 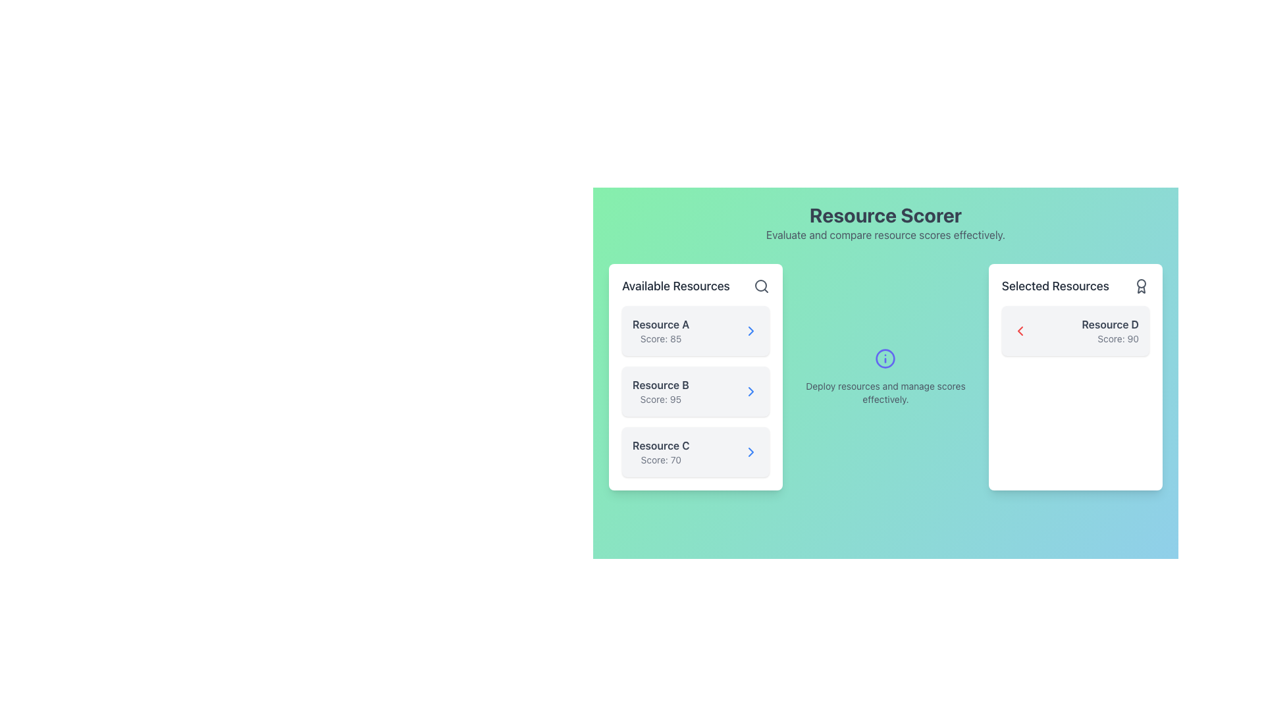 What do you see at coordinates (1140, 286) in the screenshot?
I see `the award icon located at the top-right corner of the 'Selected Resources' section header, adjacent to the 'Selected Resources' text` at bounding box center [1140, 286].